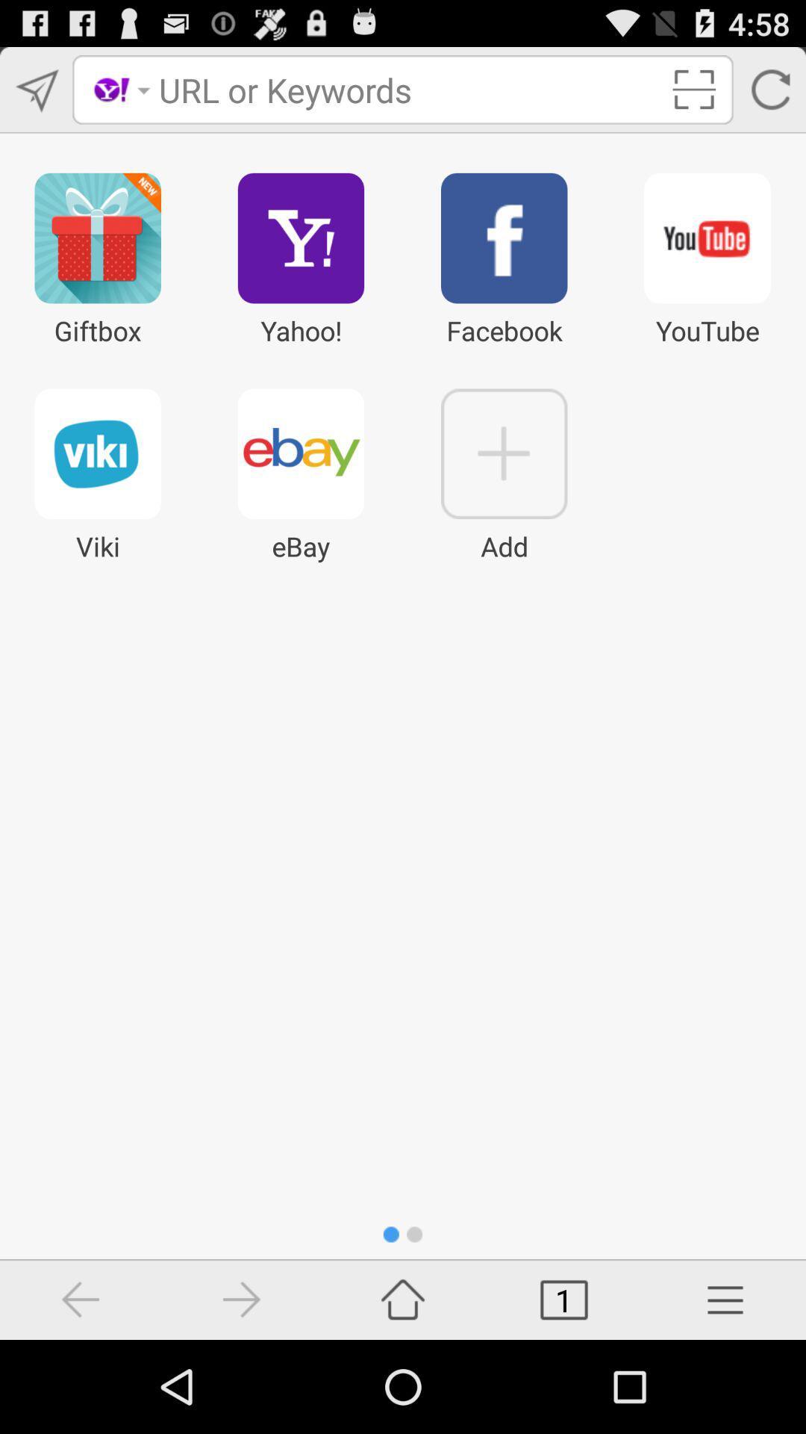 The height and width of the screenshot is (1434, 806). What do you see at coordinates (564, 1300) in the screenshot?
I see `second button from bottom right corner of the page` at bounding box center [564, 1300].